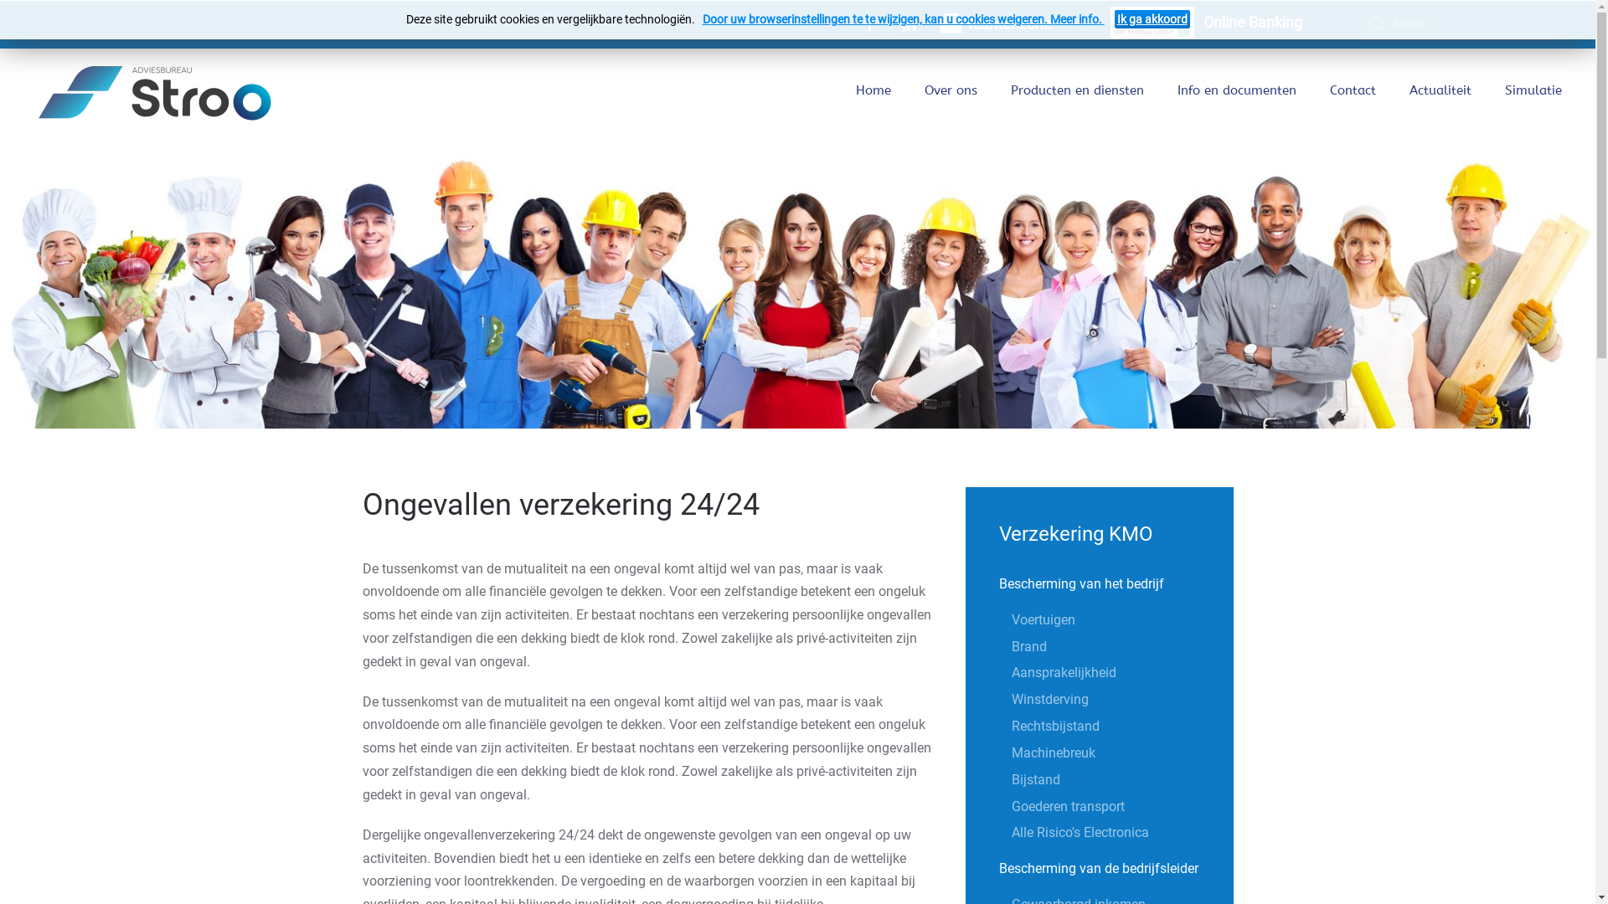  I want to click on '   Online Banking', so click(1206, 24).